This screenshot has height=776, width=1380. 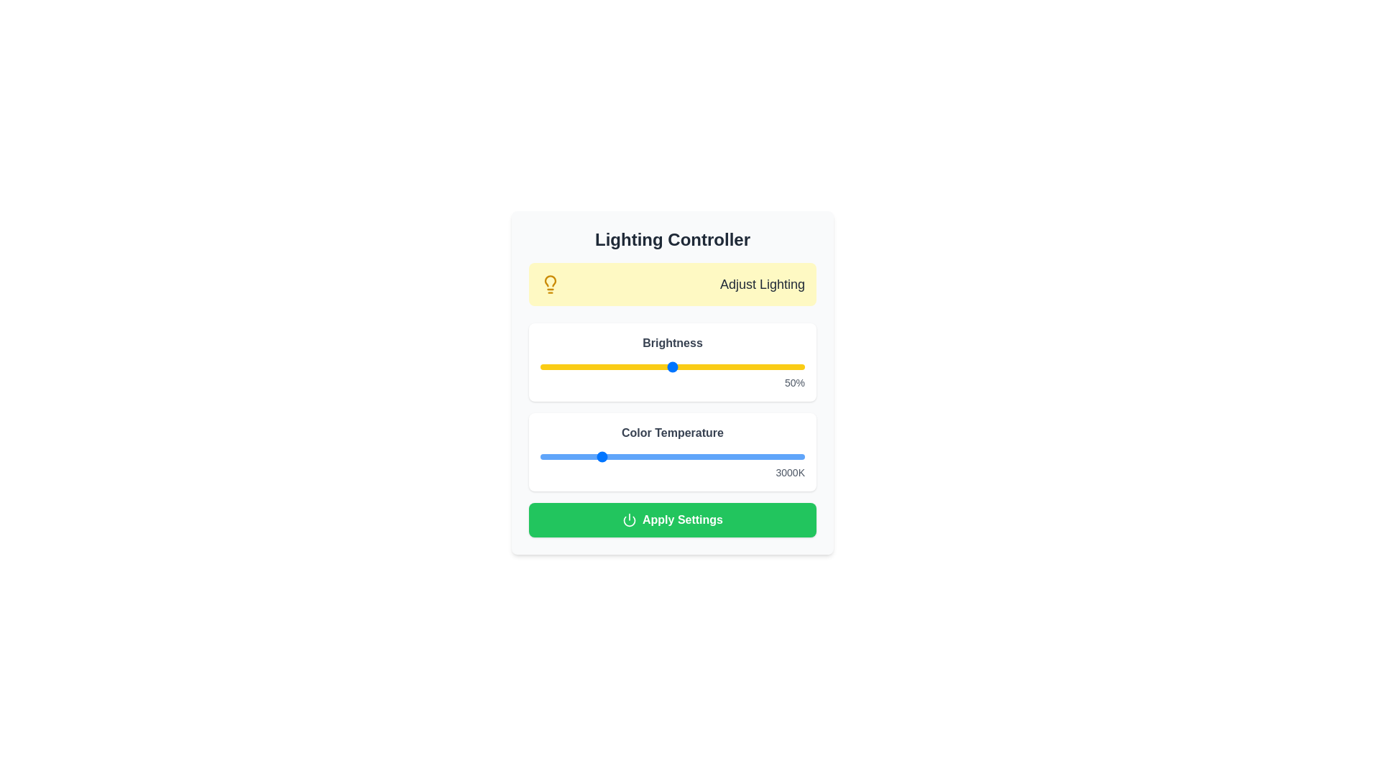 I want to click on the color temperature slider to 5547 K, so click(x=673, y=457).